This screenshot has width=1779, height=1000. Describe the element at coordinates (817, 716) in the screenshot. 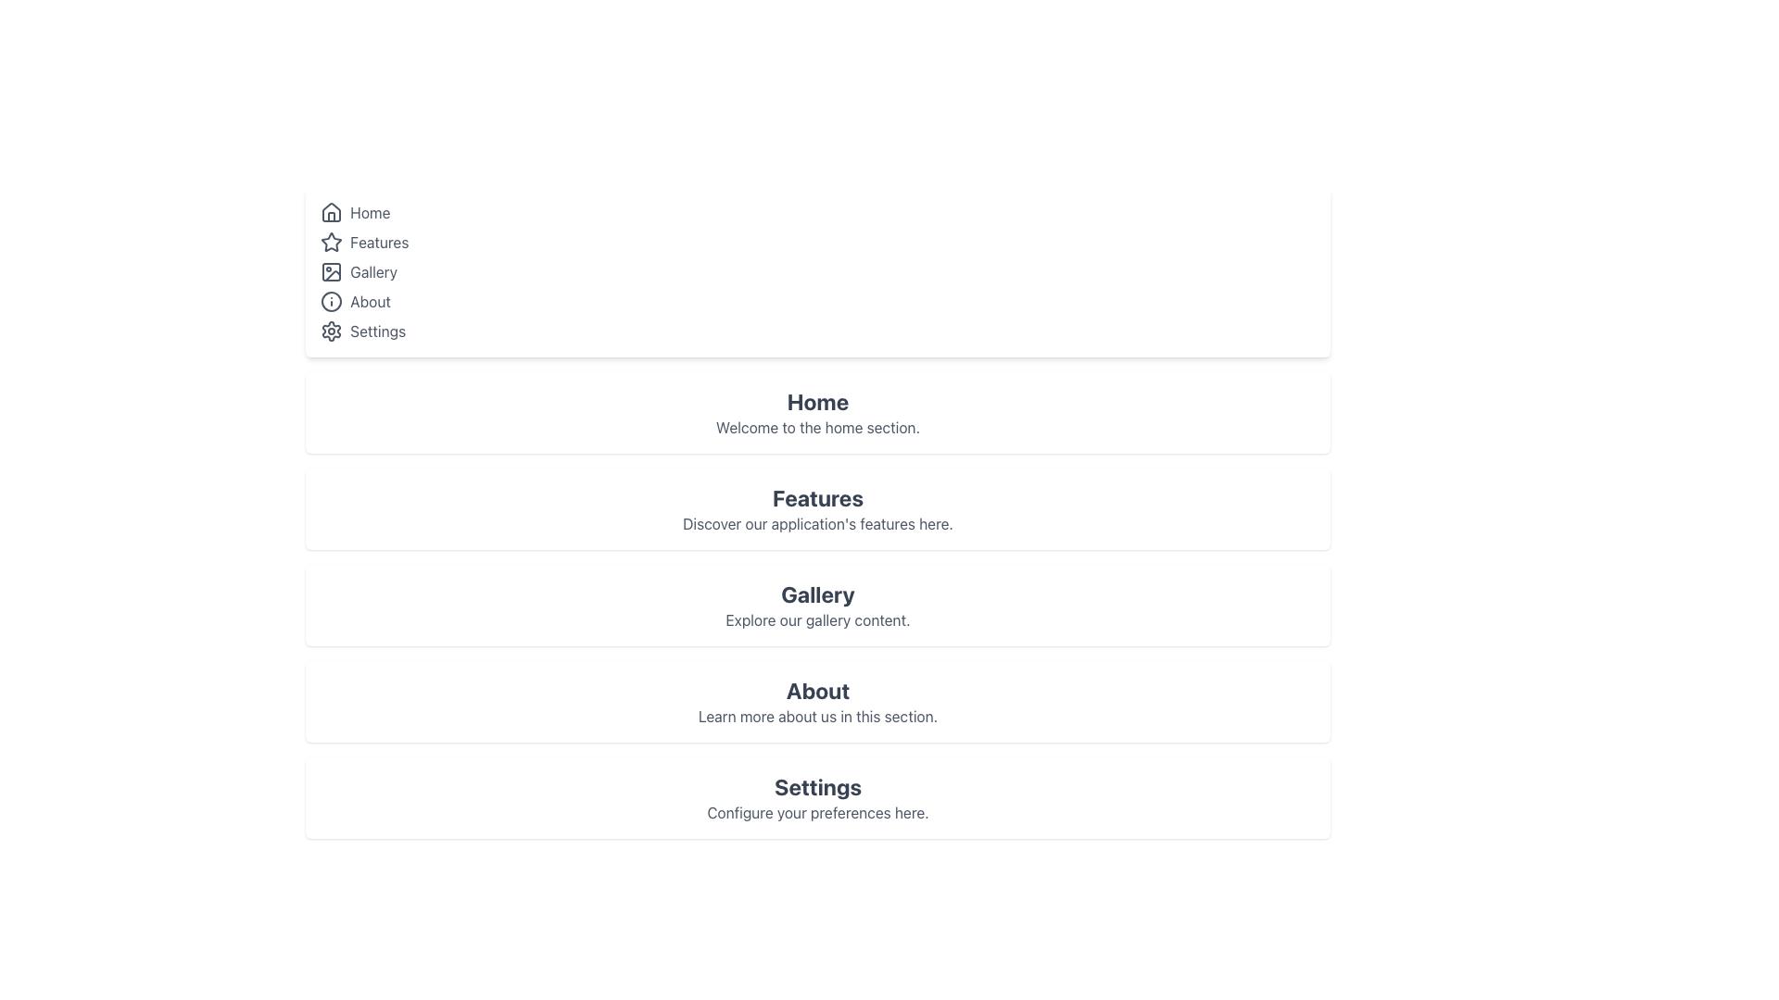

I see `the informational text label located below the 'About' heading in the interface` at that location.